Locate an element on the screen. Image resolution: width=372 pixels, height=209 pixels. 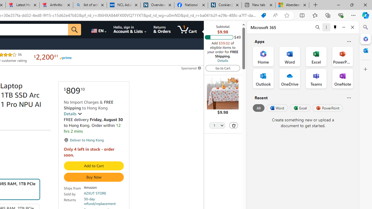
'Delete' is located at coordinates (234, 125).